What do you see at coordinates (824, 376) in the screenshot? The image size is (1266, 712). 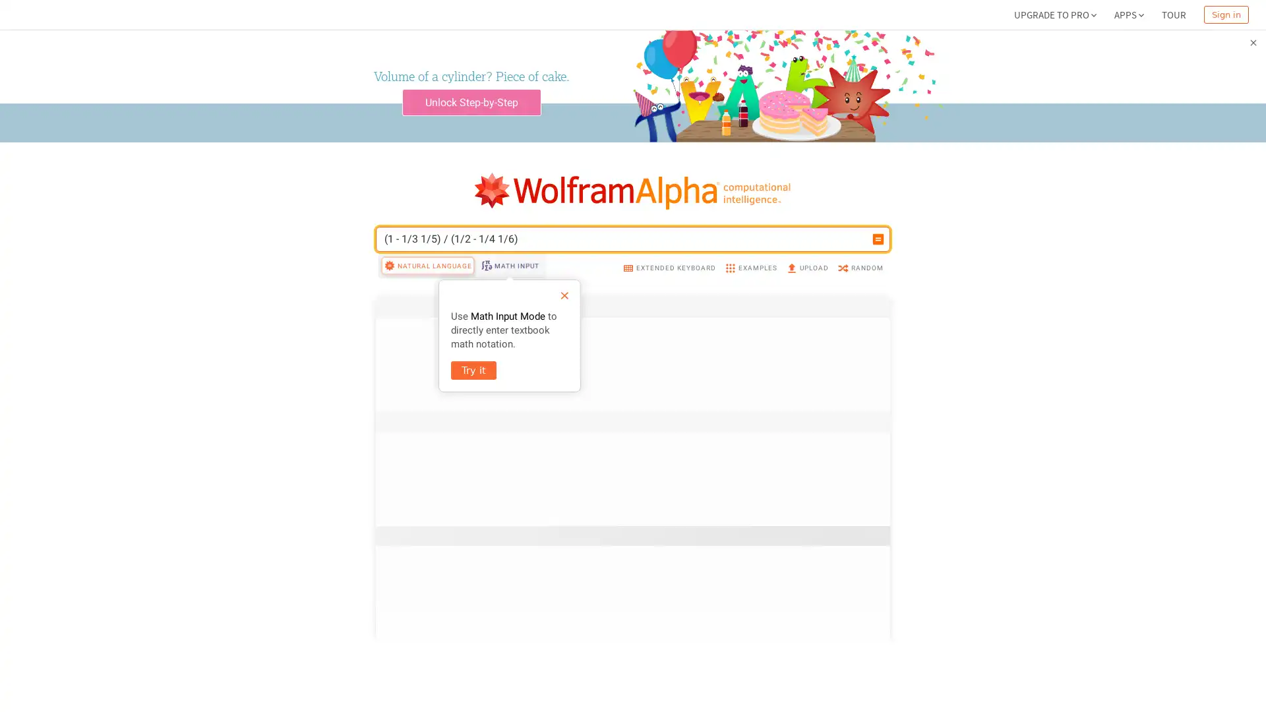 I see `Step-by-step solution` at bounding box center [824, 376].